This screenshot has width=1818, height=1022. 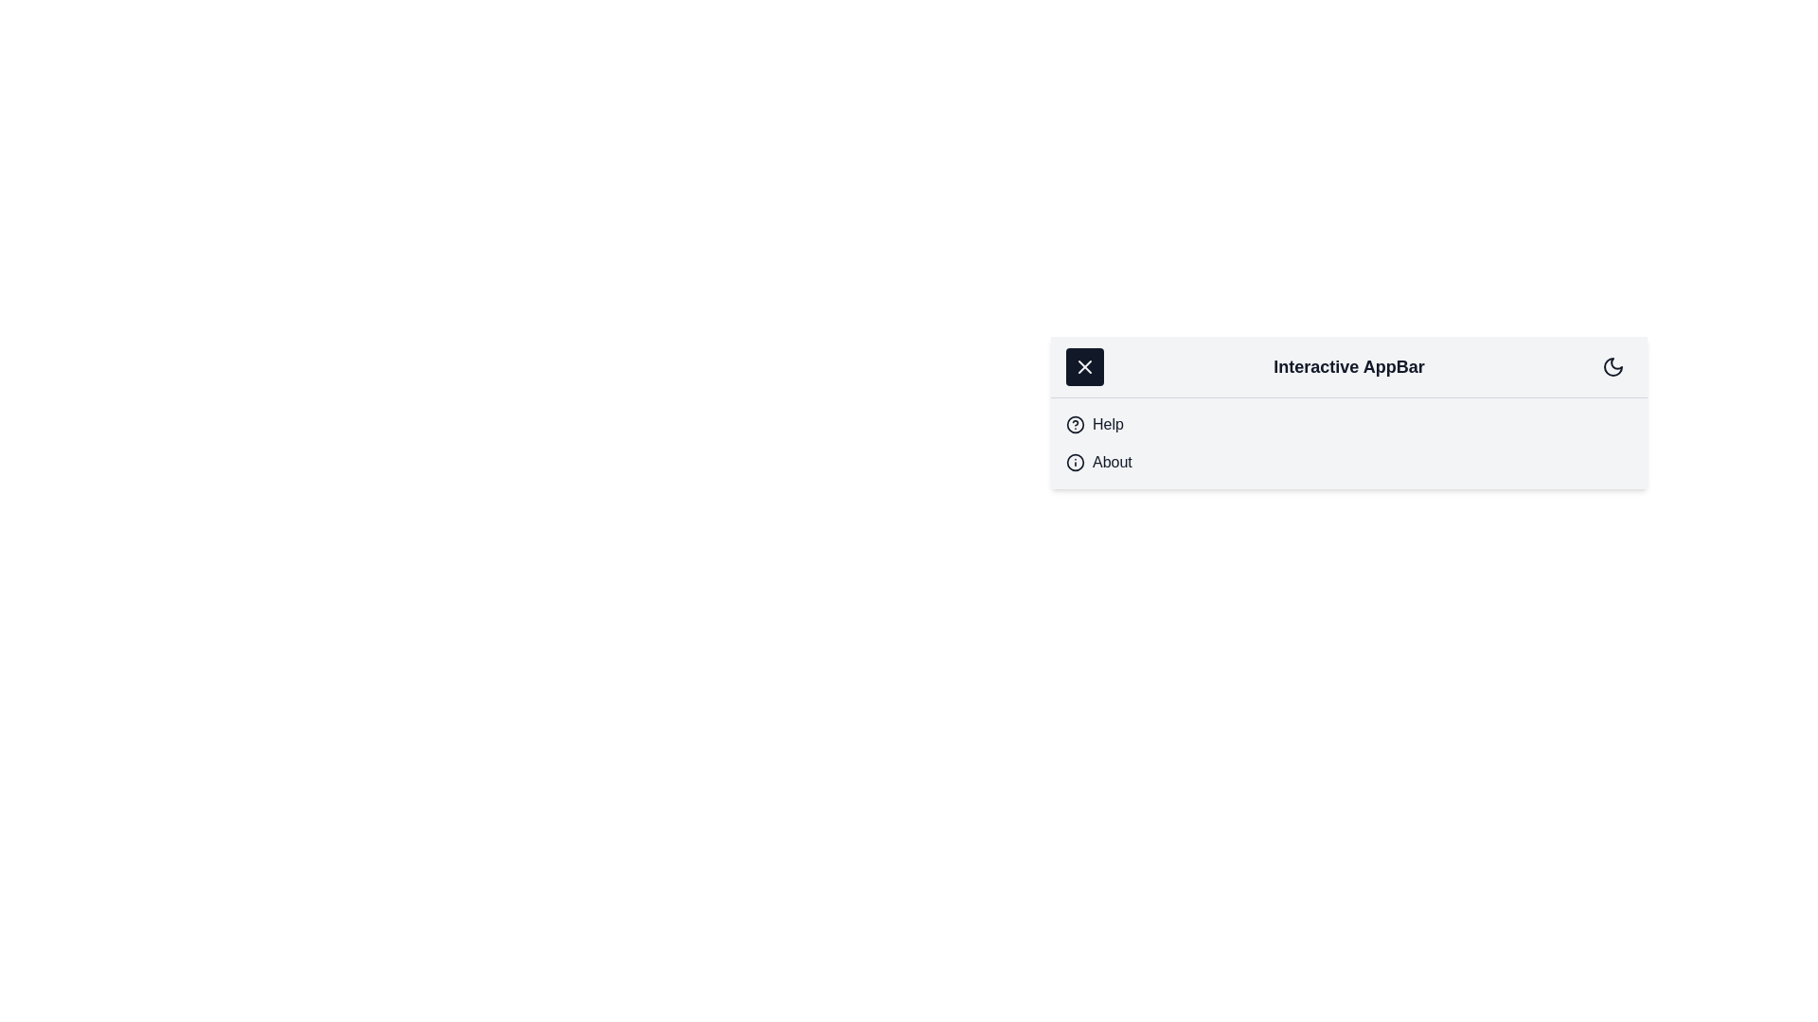 I want to click on the menu toggle button to toggle the menu visibility, so click(x=1085, y=367).